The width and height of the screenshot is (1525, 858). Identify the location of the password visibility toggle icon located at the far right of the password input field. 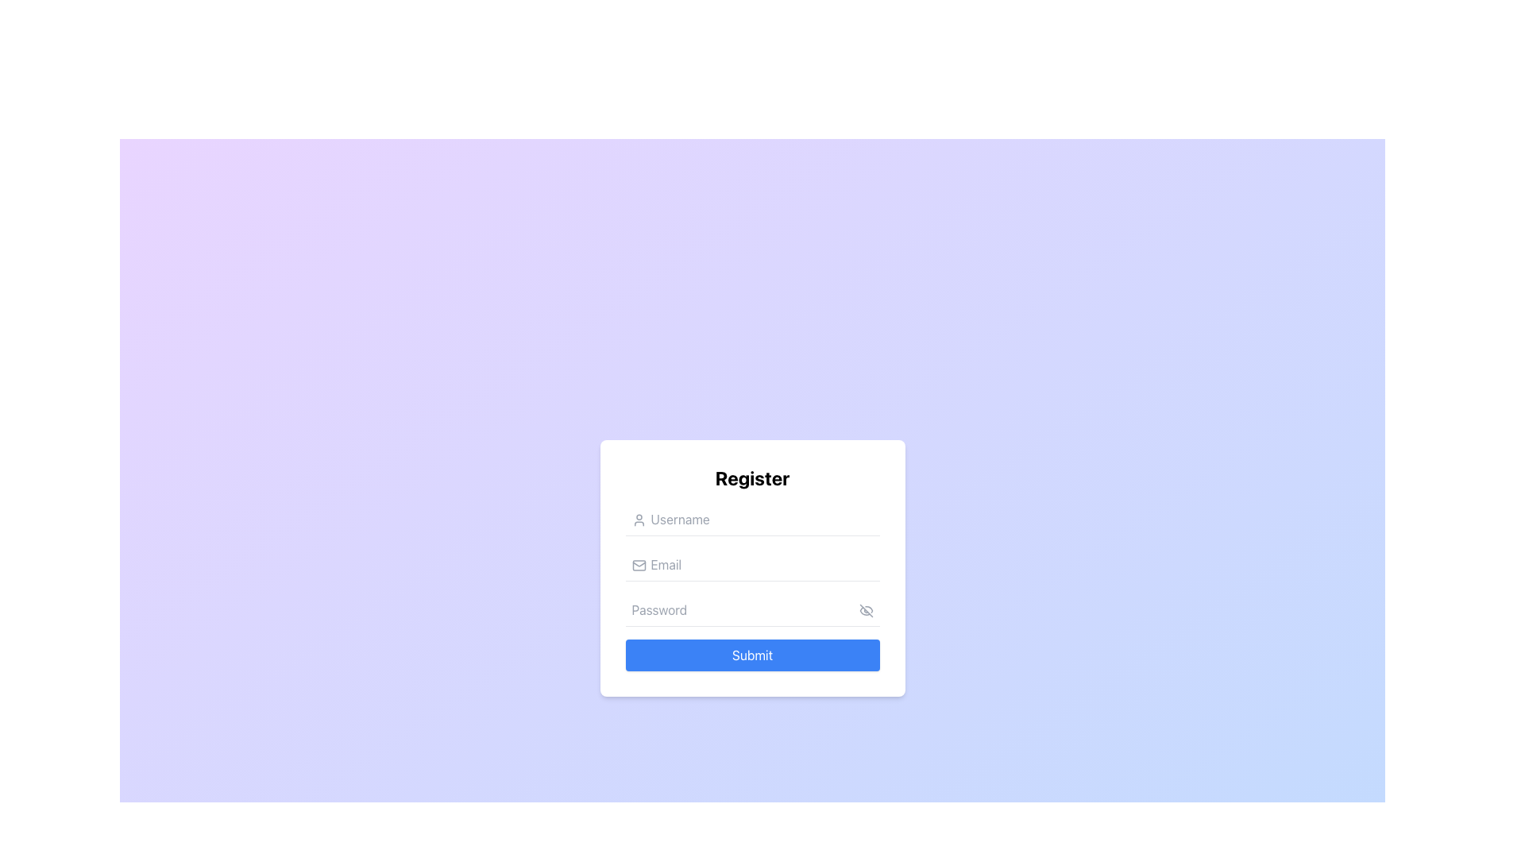
(865, 609).